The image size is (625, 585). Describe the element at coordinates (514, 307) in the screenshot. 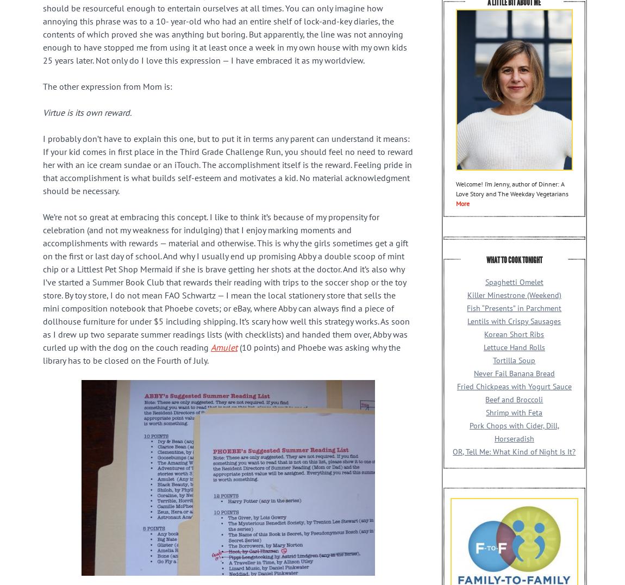

I see `'Fish “Presents” in Parchment'` at that location.